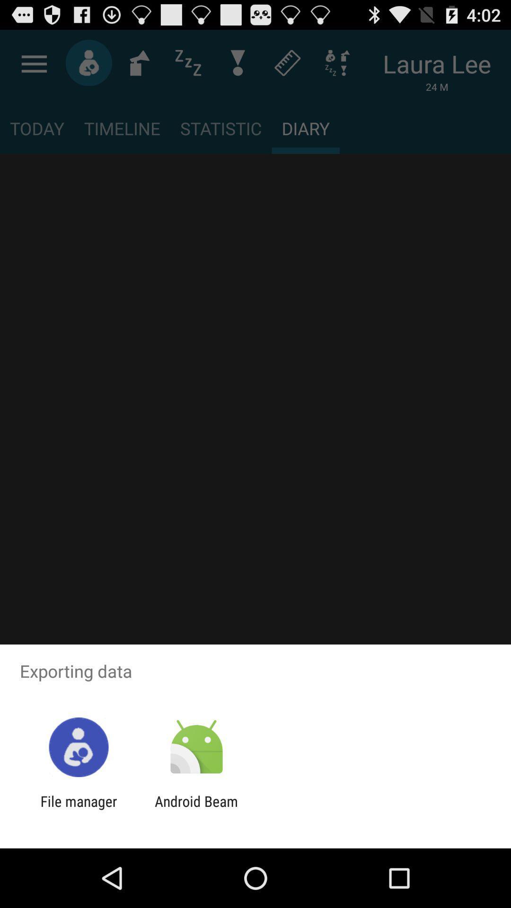  Describe the element at coordinates (78, 809) in the screenshot. I see `app to the left of the android beam` at that location.